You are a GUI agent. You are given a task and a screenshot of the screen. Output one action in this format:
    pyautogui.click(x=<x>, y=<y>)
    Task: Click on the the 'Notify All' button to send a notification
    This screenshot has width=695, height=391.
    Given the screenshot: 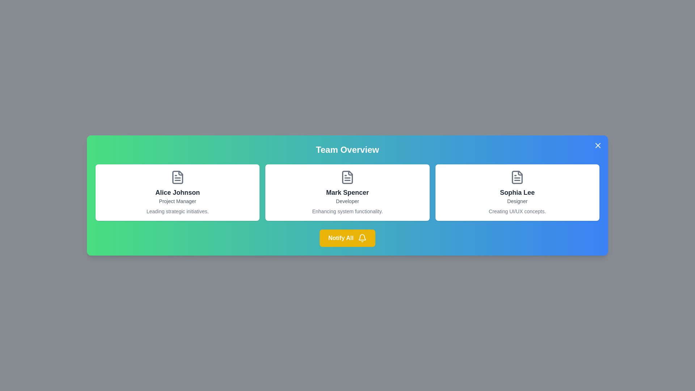 What is the action you would take?
    pyautogui.click(x=347, y=238)
    